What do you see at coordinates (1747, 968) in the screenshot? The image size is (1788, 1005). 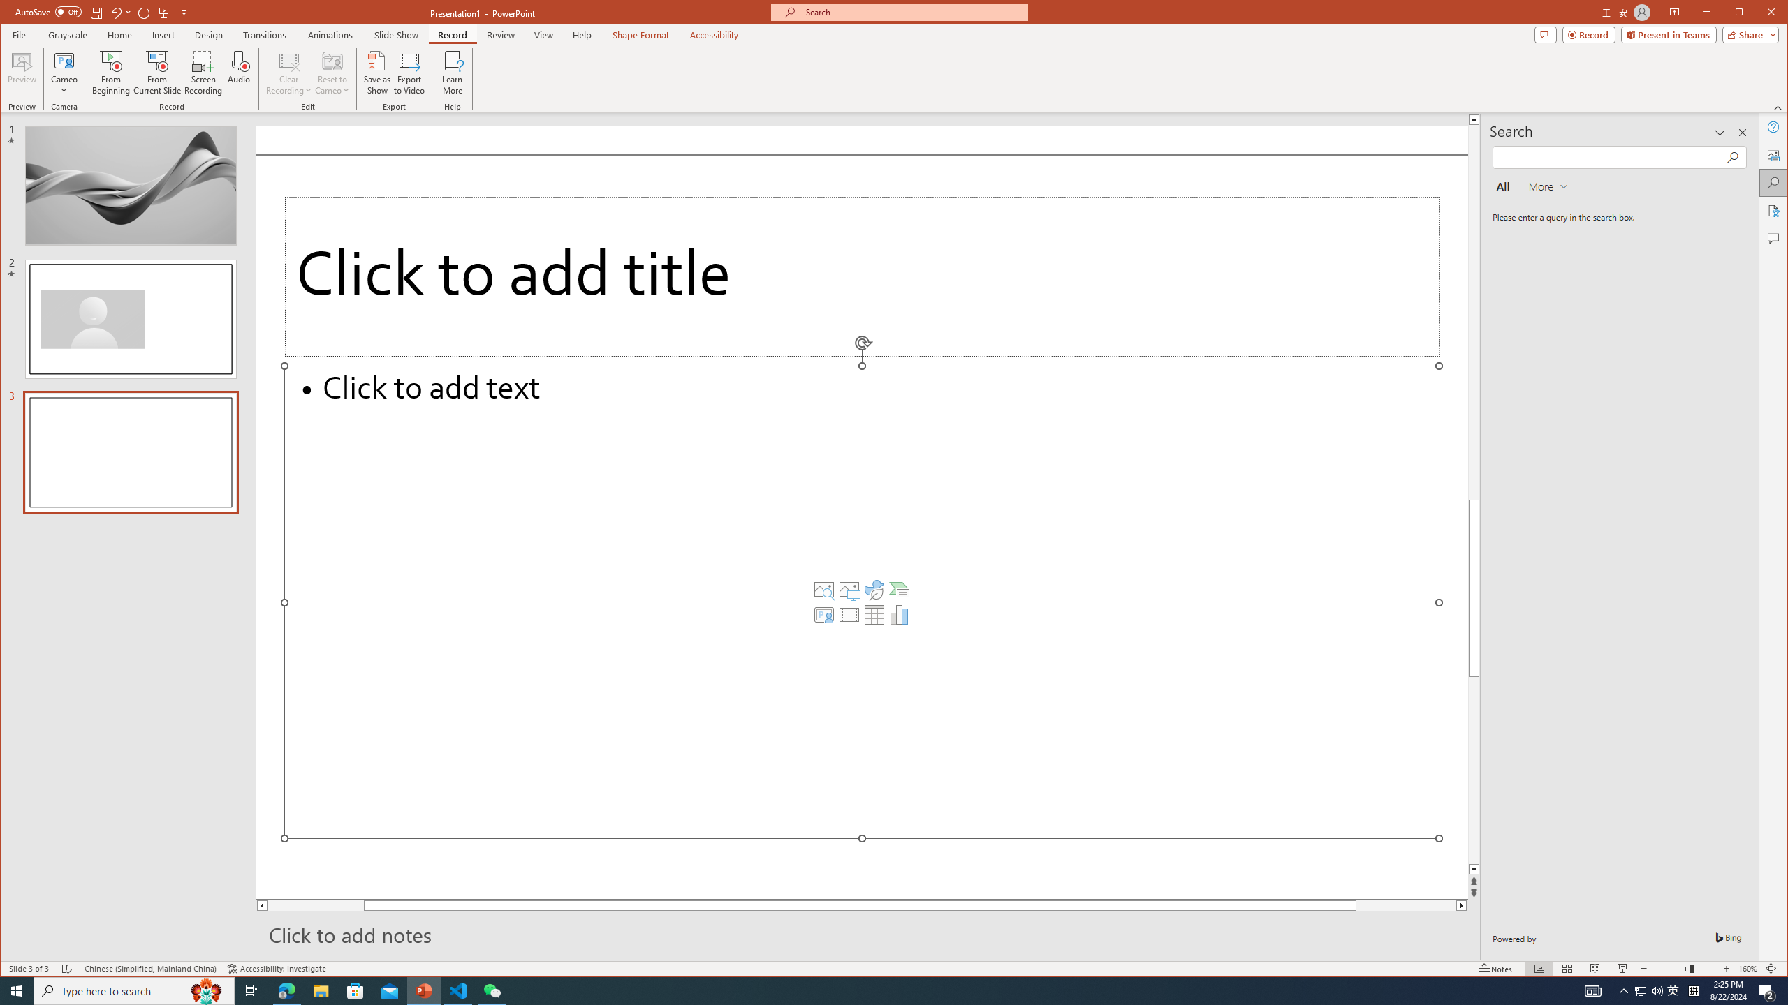 I see `'Zoom 160%'` at bounding box center [1747, 968].